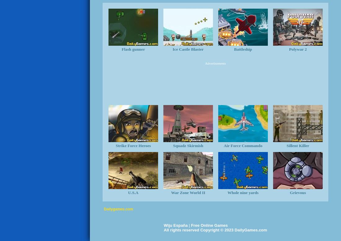 The image size is (341, 241). What do you see at coordinates (133, 49) in the screenshot?
I see `'Flash gunner'` at bounding box center [133, 49].